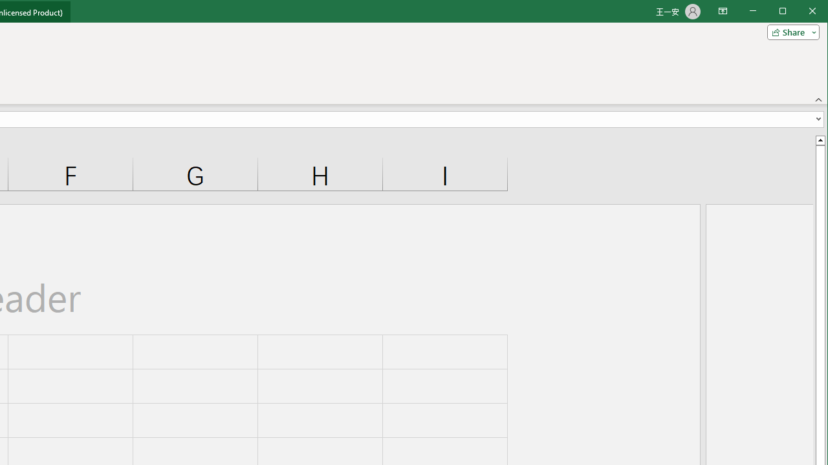  Describe the element at coordinates (801, 12) in the screenshot. I see `'Maximize'` at that location.